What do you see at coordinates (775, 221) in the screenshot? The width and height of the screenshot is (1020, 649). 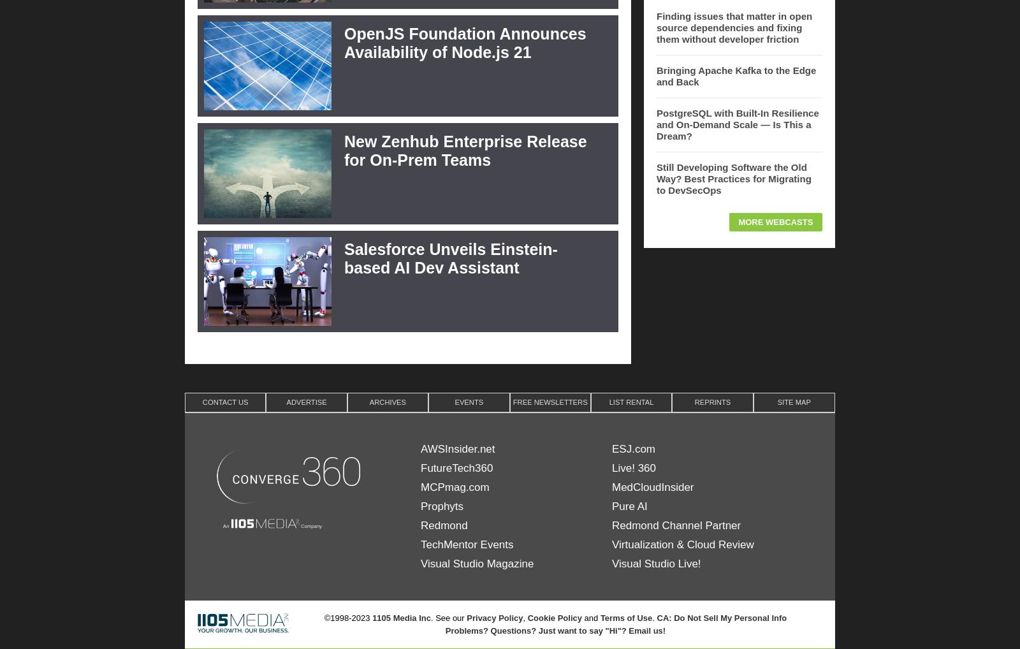 I see `'More Webcasts'` at bounding box center [775, 221].